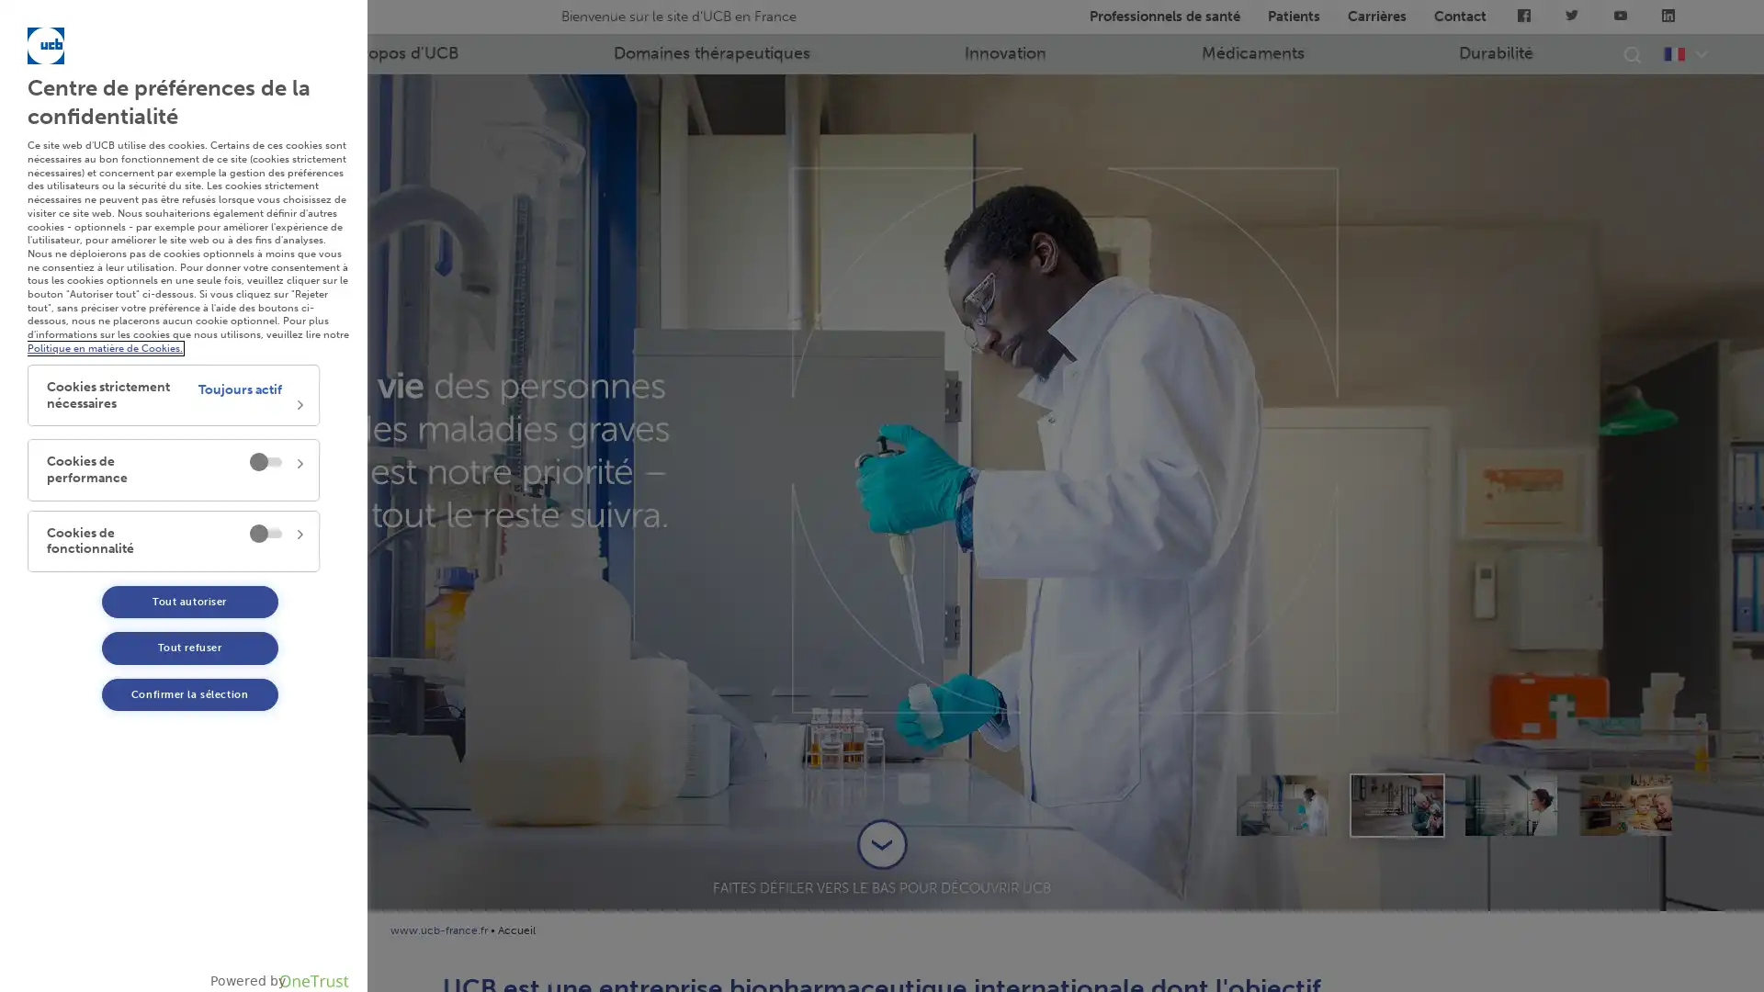 This screenshot has width=1764, height=992. What do you see at coordinates (1282, 803) in the screenshot?
I see `Scientifique UCB` at bounding box center [1282, 803].